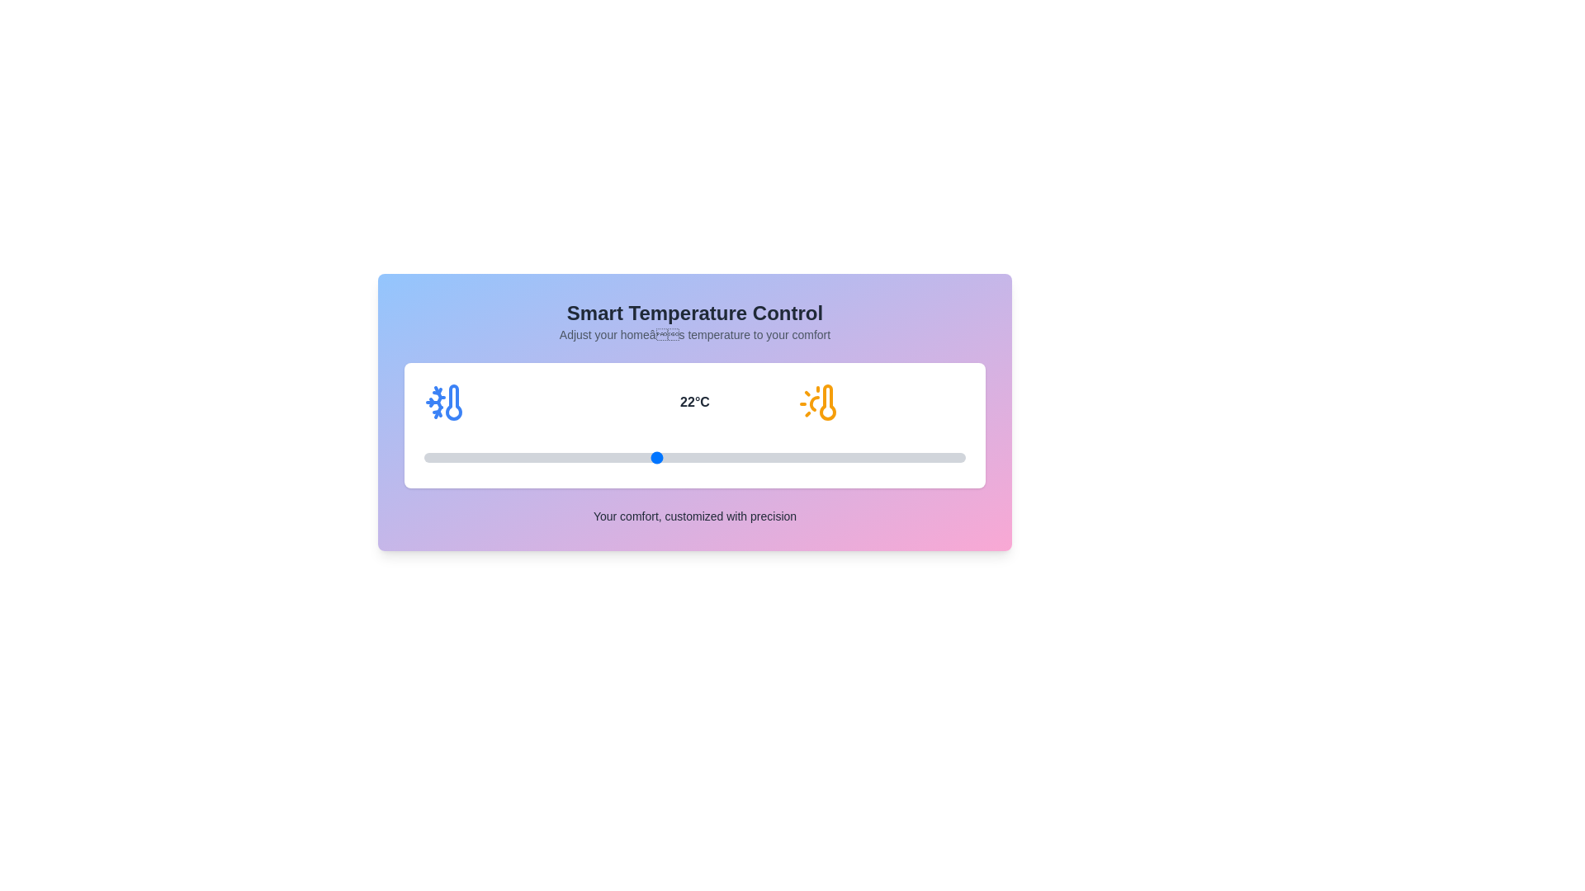 The height and width of the screenshot is (891, 1585). I want to click on the temperature to 25°C by interacting with the slider, so click(771, 458).